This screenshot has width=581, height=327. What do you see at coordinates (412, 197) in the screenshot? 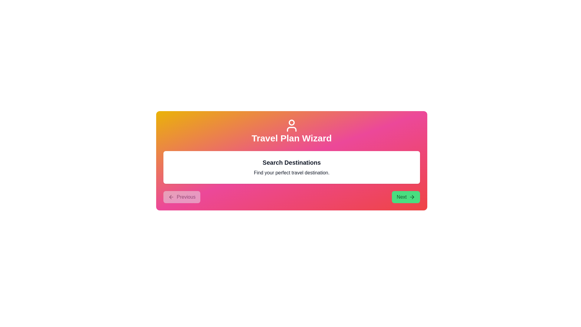
I see `the right-pointing arrow icon within the 'Next' button` at bounding box center [412, 197].